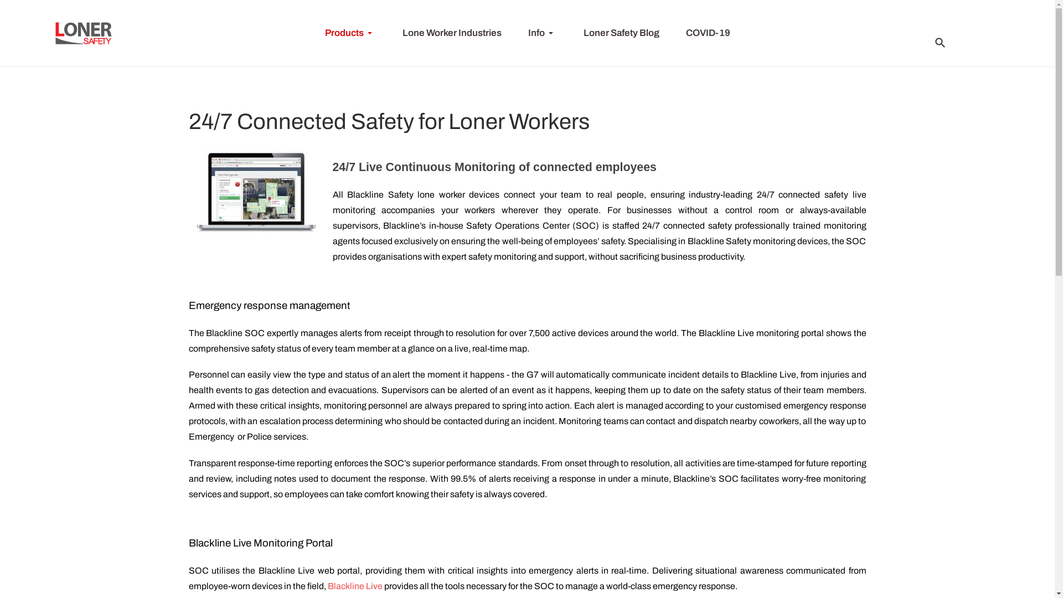 The height and width of the screenshot is (598, 1063). I want to click on 'COVID-19', so click(706, 33).